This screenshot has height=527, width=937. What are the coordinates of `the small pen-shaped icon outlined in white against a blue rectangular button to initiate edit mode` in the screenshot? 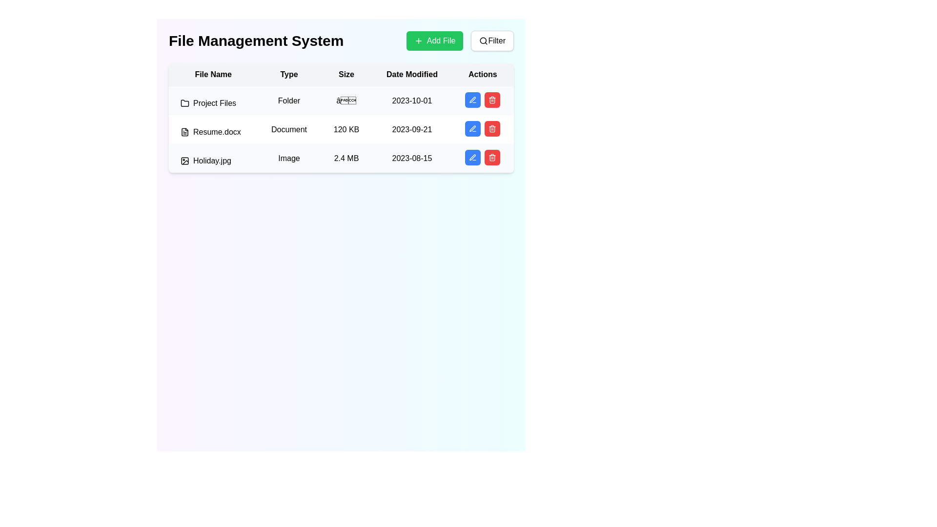 It's located at (473, 128).